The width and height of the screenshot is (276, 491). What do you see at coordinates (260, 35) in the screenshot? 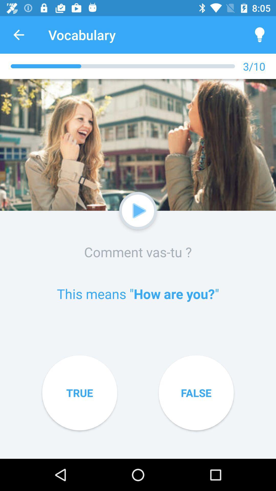
I see `icon next to the vocabulary` at bounding box center [260, 35].